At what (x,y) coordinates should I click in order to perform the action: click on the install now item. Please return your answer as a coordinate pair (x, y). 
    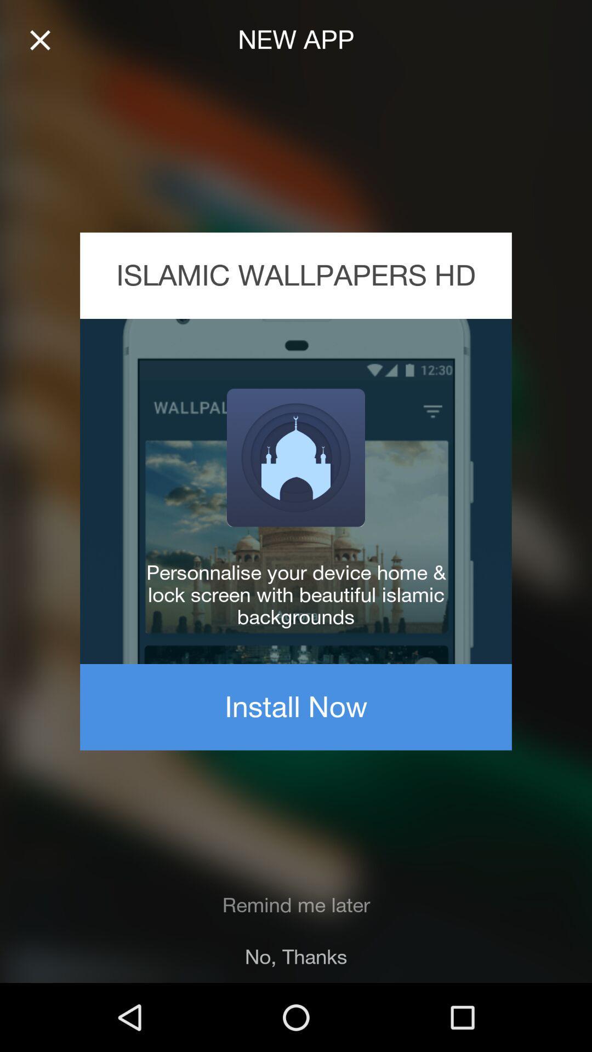
    Looking at the image, I should click on (296, 707).